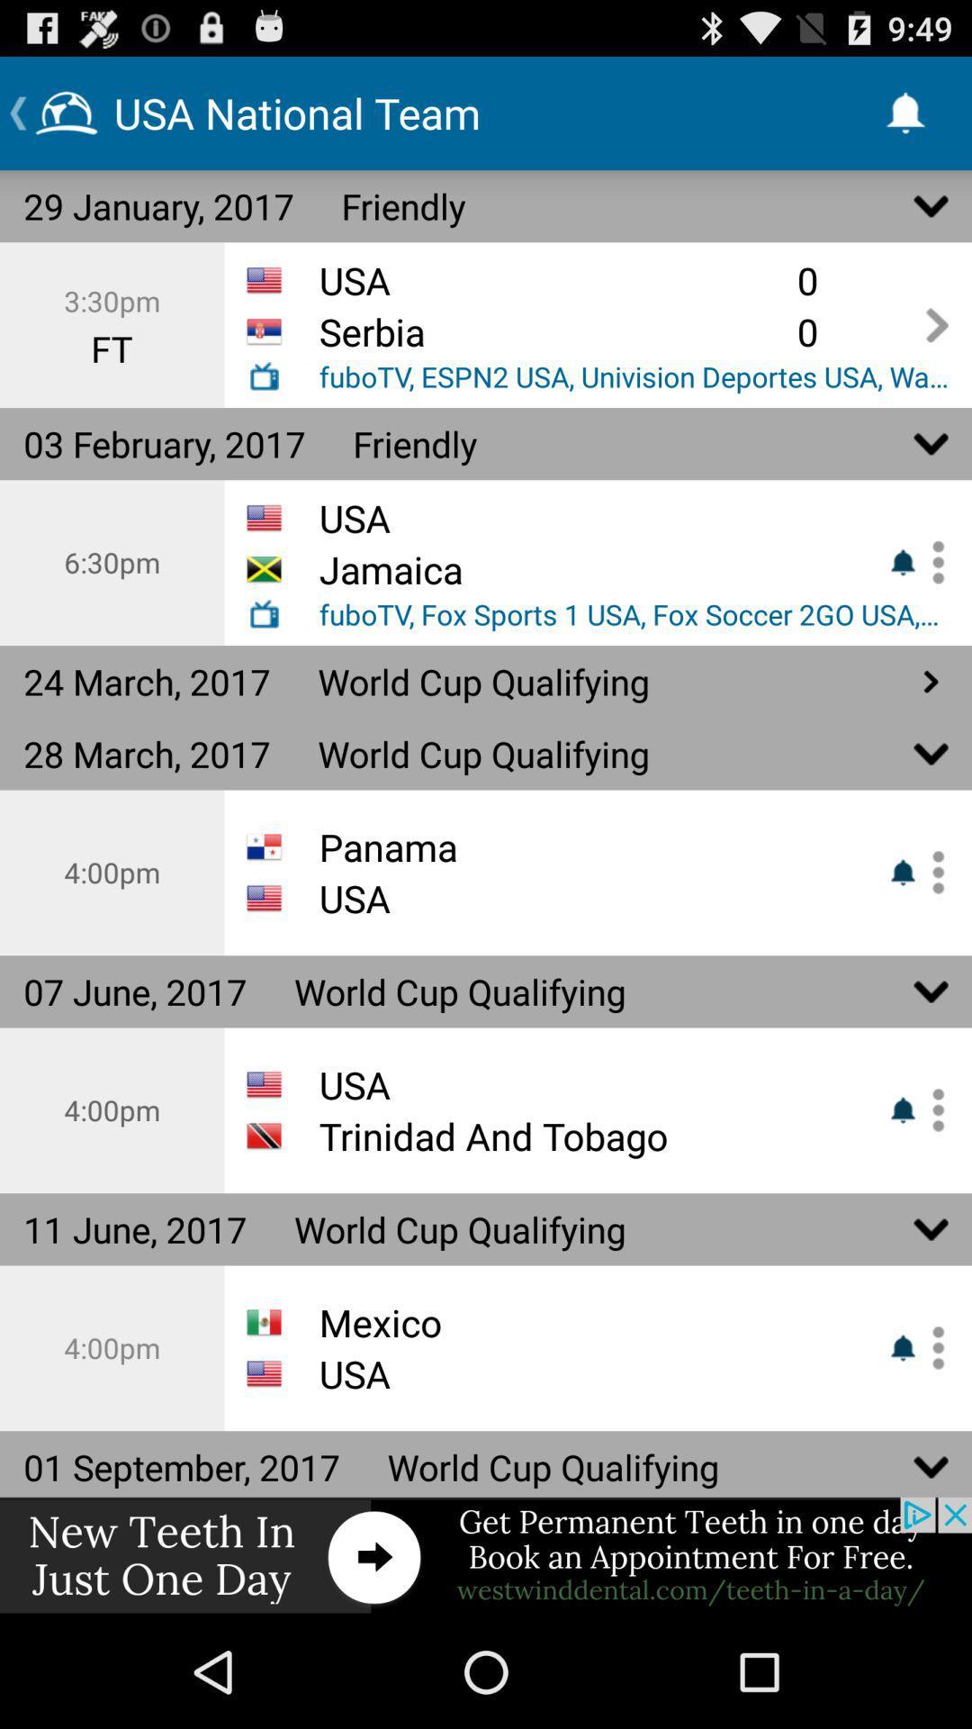  What do you see at coordinates (486, 1555) in the screenshot?
I see `make advertisement` at bounding box center [486, 1555].